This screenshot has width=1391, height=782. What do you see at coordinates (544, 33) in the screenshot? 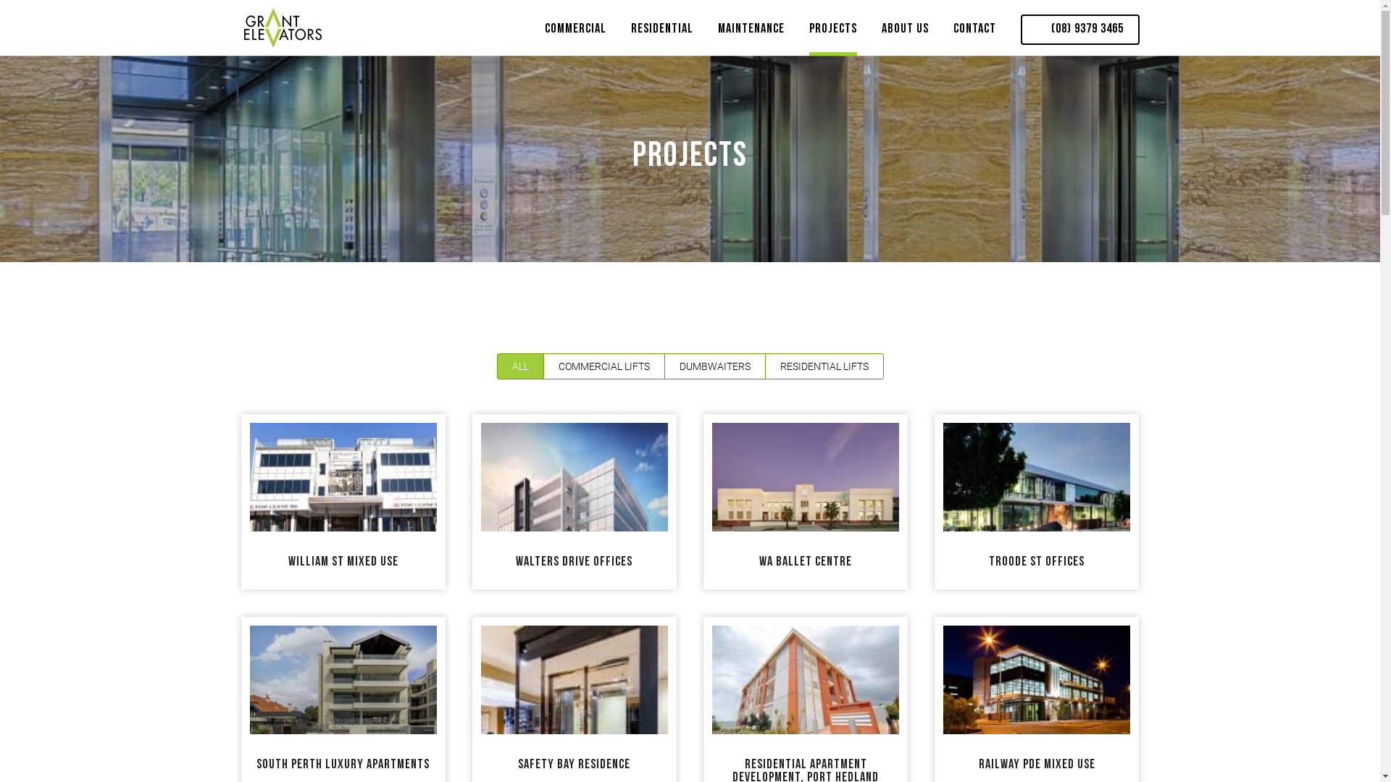
I see `'COMMERCIAL'` at bounding box center [544, 33].